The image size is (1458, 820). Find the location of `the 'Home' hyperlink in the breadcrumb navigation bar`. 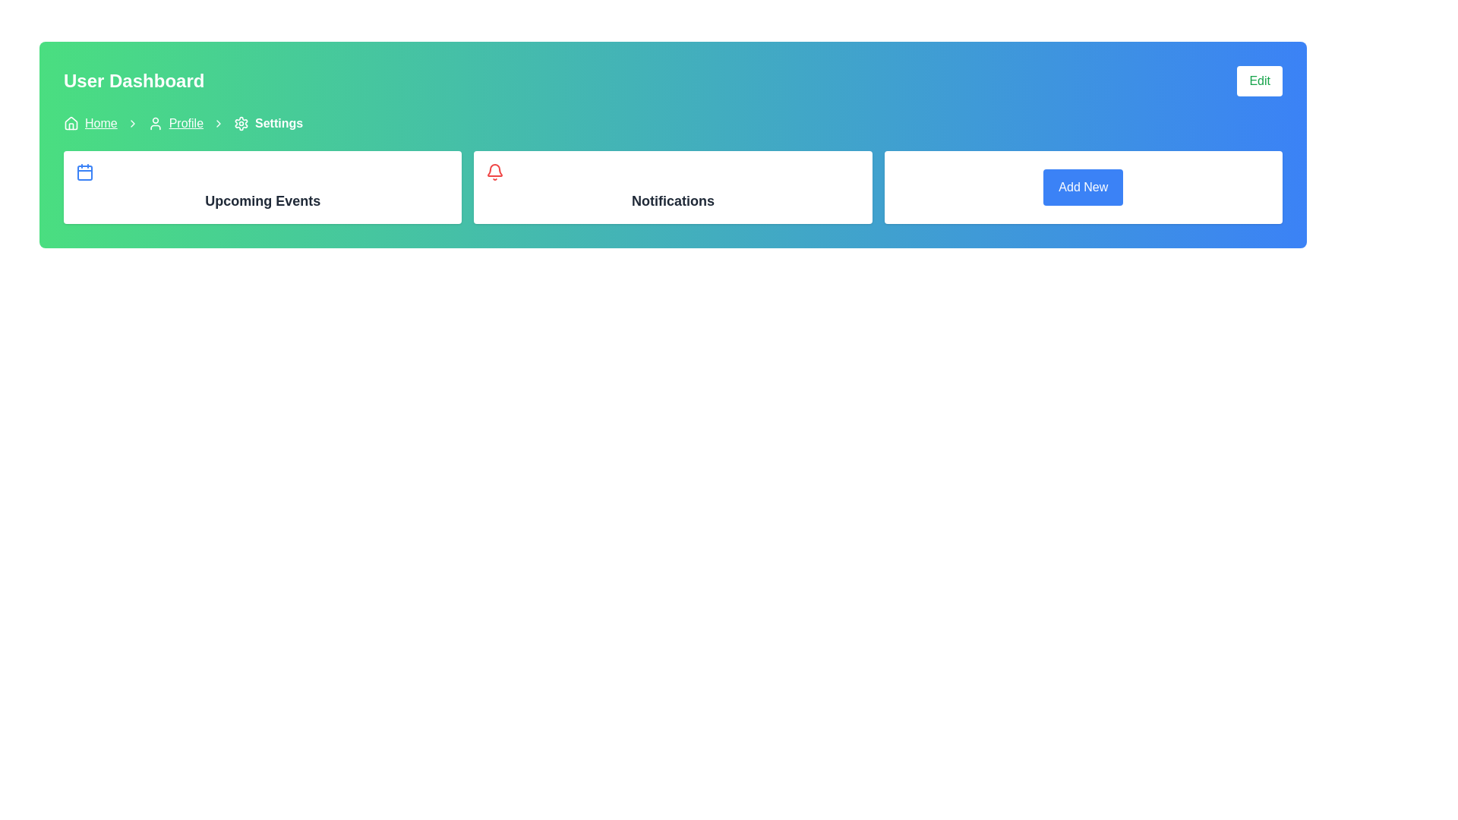

the 'Home' hyperlink in the breadcrumb navigation bar is located at coordinates (100, 122).